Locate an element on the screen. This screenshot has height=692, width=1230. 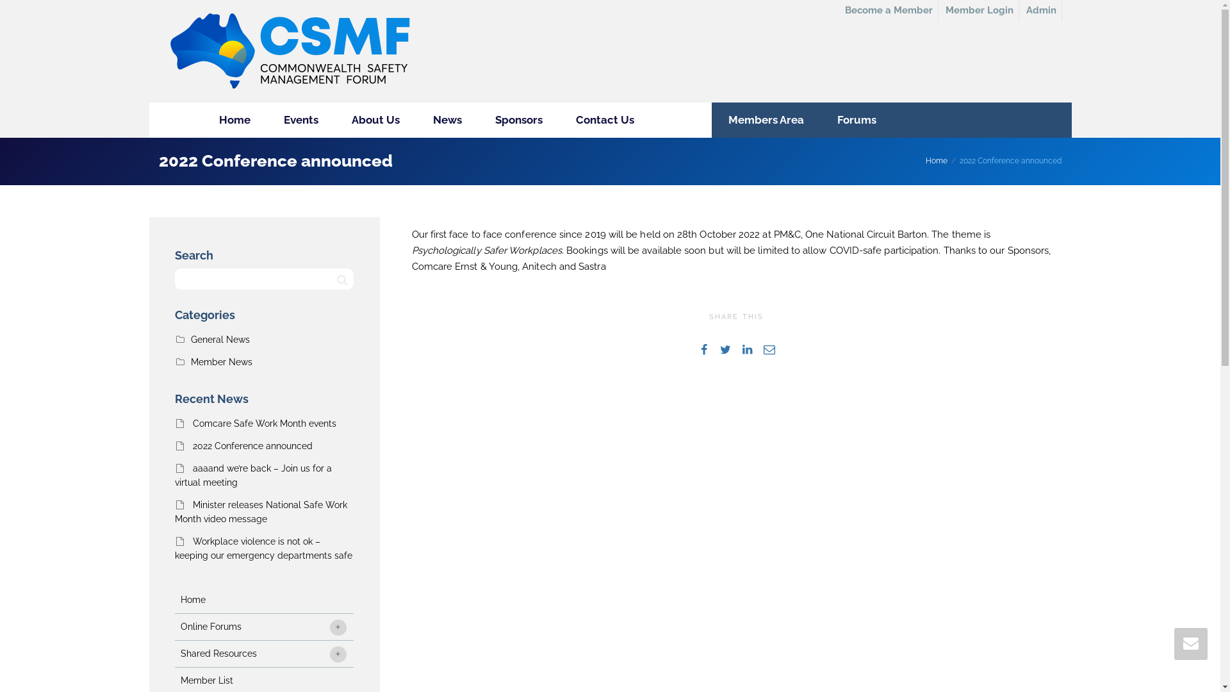
'Minister releases National Safe Work Month video message' is located at coordinates (259, 511).